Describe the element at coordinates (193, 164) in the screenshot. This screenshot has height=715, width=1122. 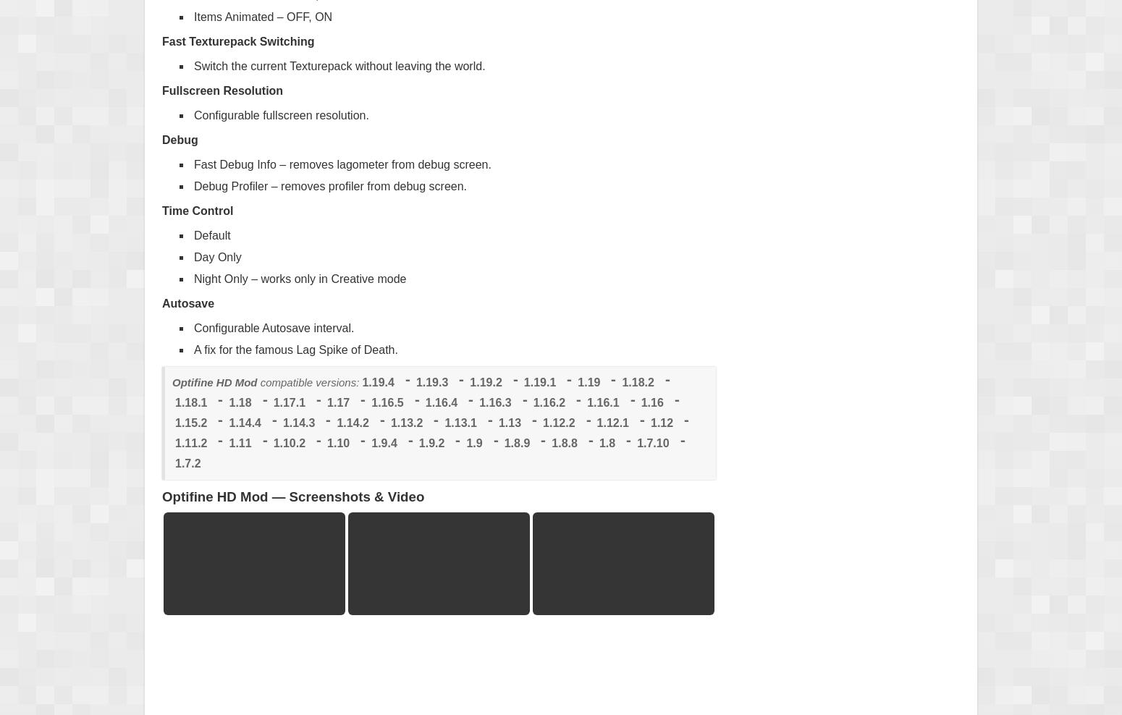
I see `'Fast Debug Info – removes lagometer from debug screen.'` at that location.